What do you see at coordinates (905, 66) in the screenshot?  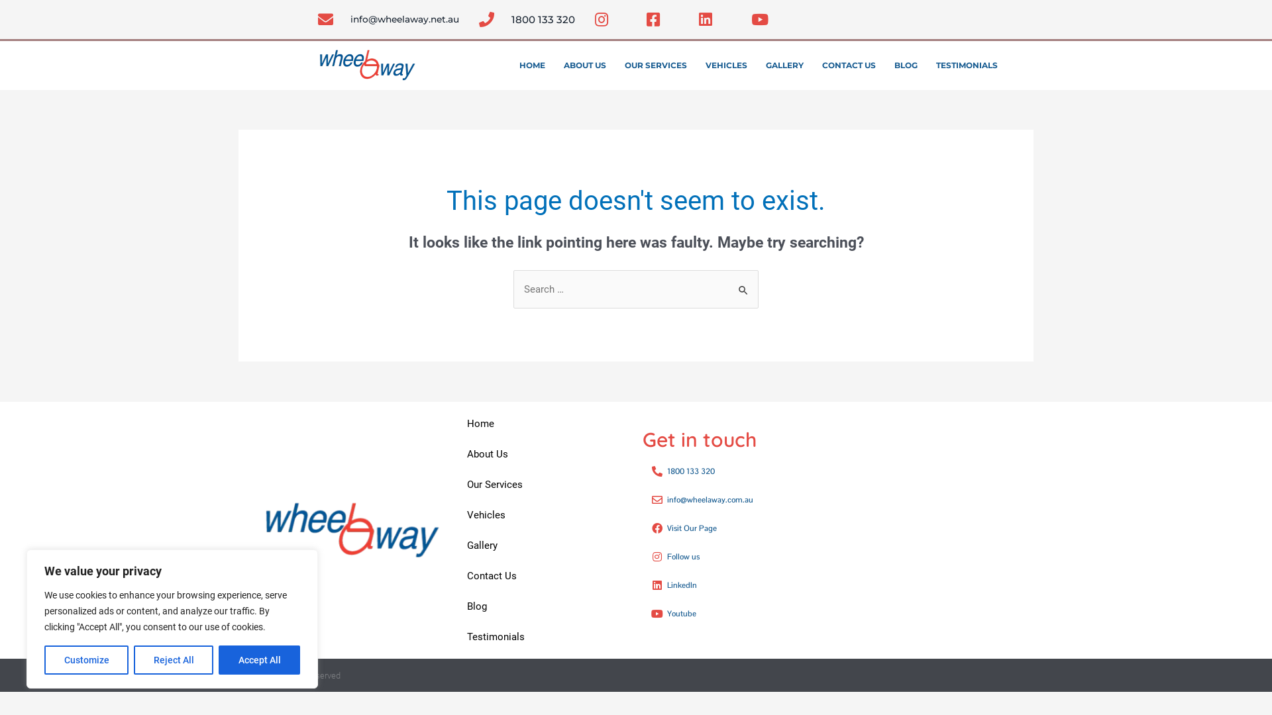 I see `'BLOG'` at bounding box center [905, 66].